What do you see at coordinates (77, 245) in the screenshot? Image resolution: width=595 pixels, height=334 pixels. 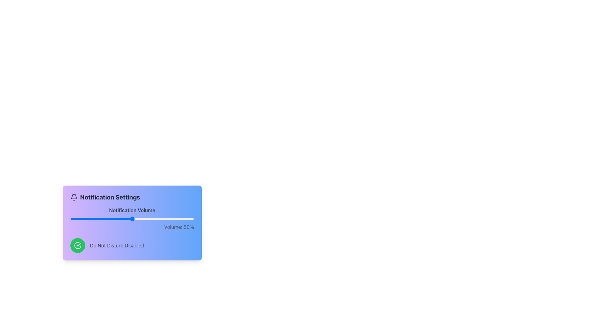 I see `the 'Do Not Disturb' status icon within the green circular button located in the lower left corner of the notification settings card, which indicates that the feature is currently disabled` at bounding box center [77, 245].